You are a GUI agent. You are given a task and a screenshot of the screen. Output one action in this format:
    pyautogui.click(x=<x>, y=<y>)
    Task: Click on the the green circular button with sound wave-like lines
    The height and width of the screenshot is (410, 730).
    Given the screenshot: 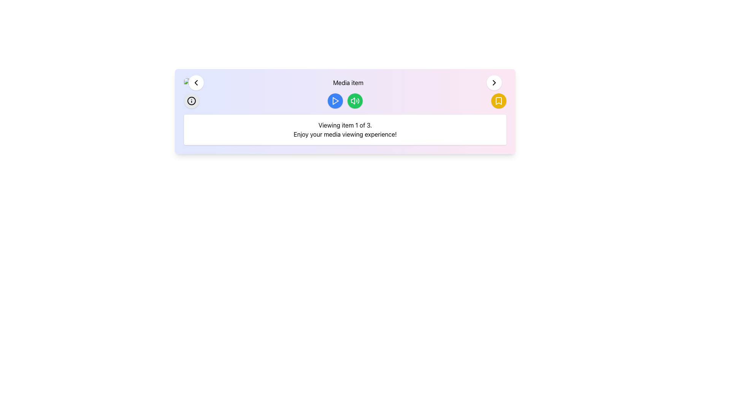 What is the action you would take?
    pyautogui.click(x=355, y=101)
    